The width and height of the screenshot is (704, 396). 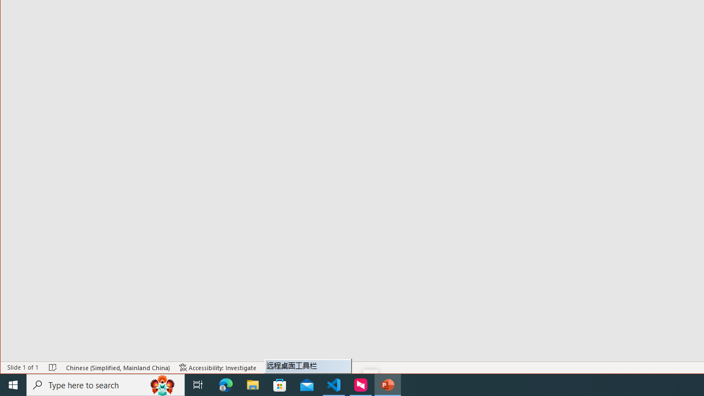 What do you see at coordinates (333, 384) in the screenshot?
I see `'Visual Studio Code - 1 running window'` at bounding box center [333, 384].